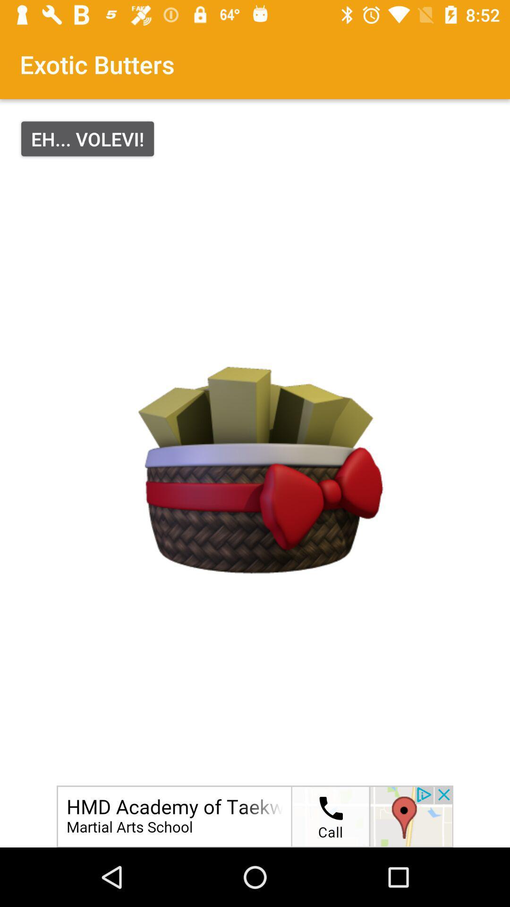 The width and height of the screenshot is (510, 907). Describe the element at coordinates (255, 816) in the screenshot. I see `access this service` at that location.